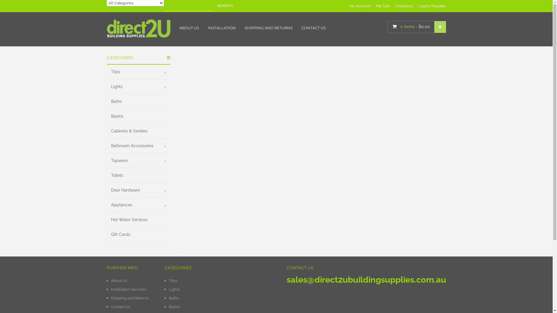 This screenshot has width=557, height=313. I want to click on 'Checkout', so click(403, 6).